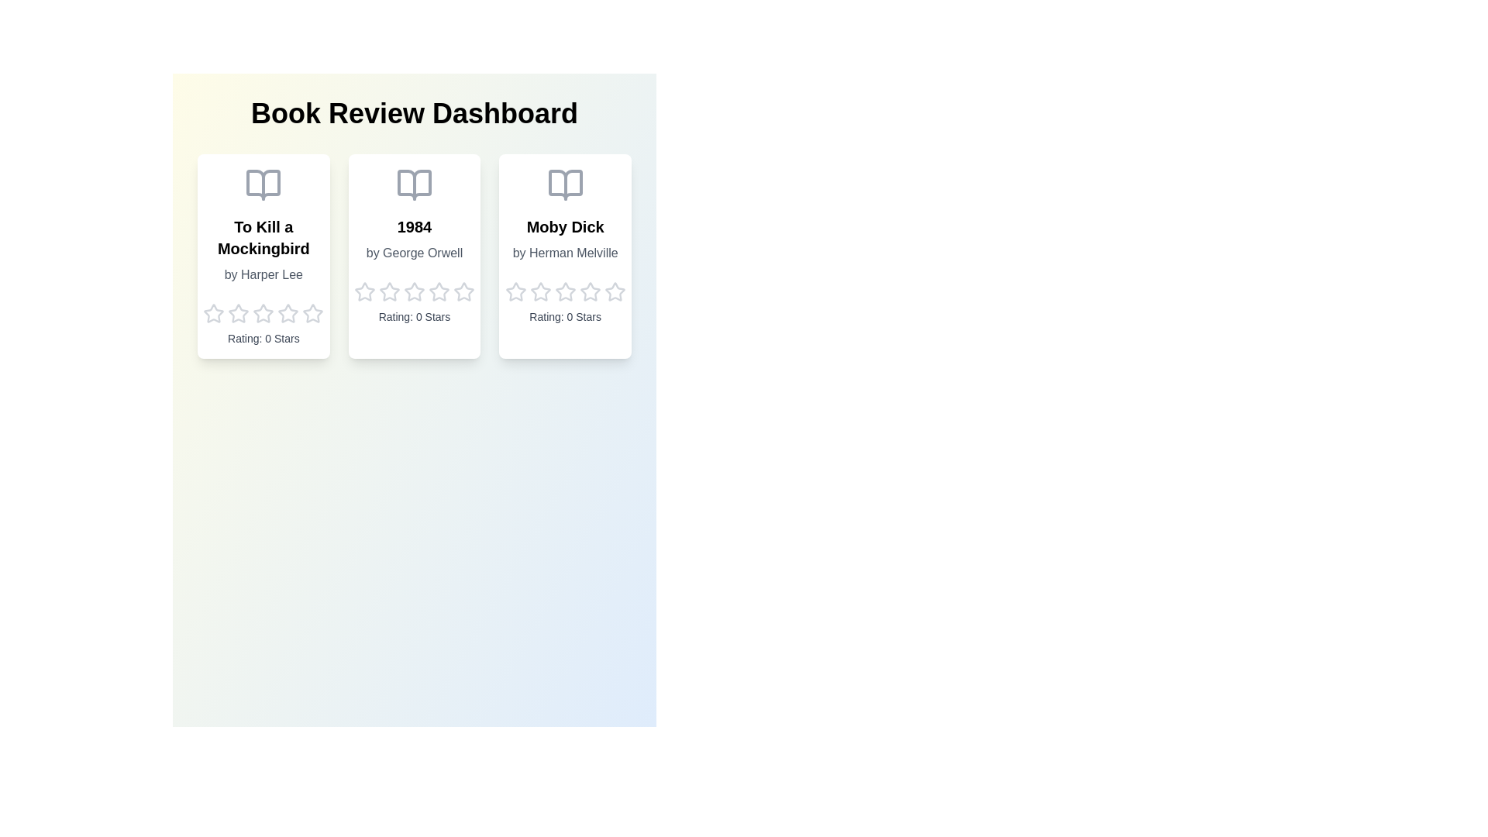 This screenshot has height=837, width=1488. What do you see at coordinates (515, 292) in the screenshot?
I see `the star icon corresponding to the rating 1 for the book 3` at bounding box center [515, 292].